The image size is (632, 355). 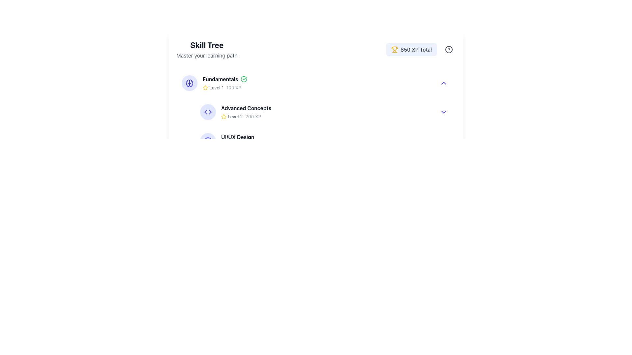 I want to click on the Information Display containing the trophy icon and the text '850 XP Total', so click(x=420, y=49).